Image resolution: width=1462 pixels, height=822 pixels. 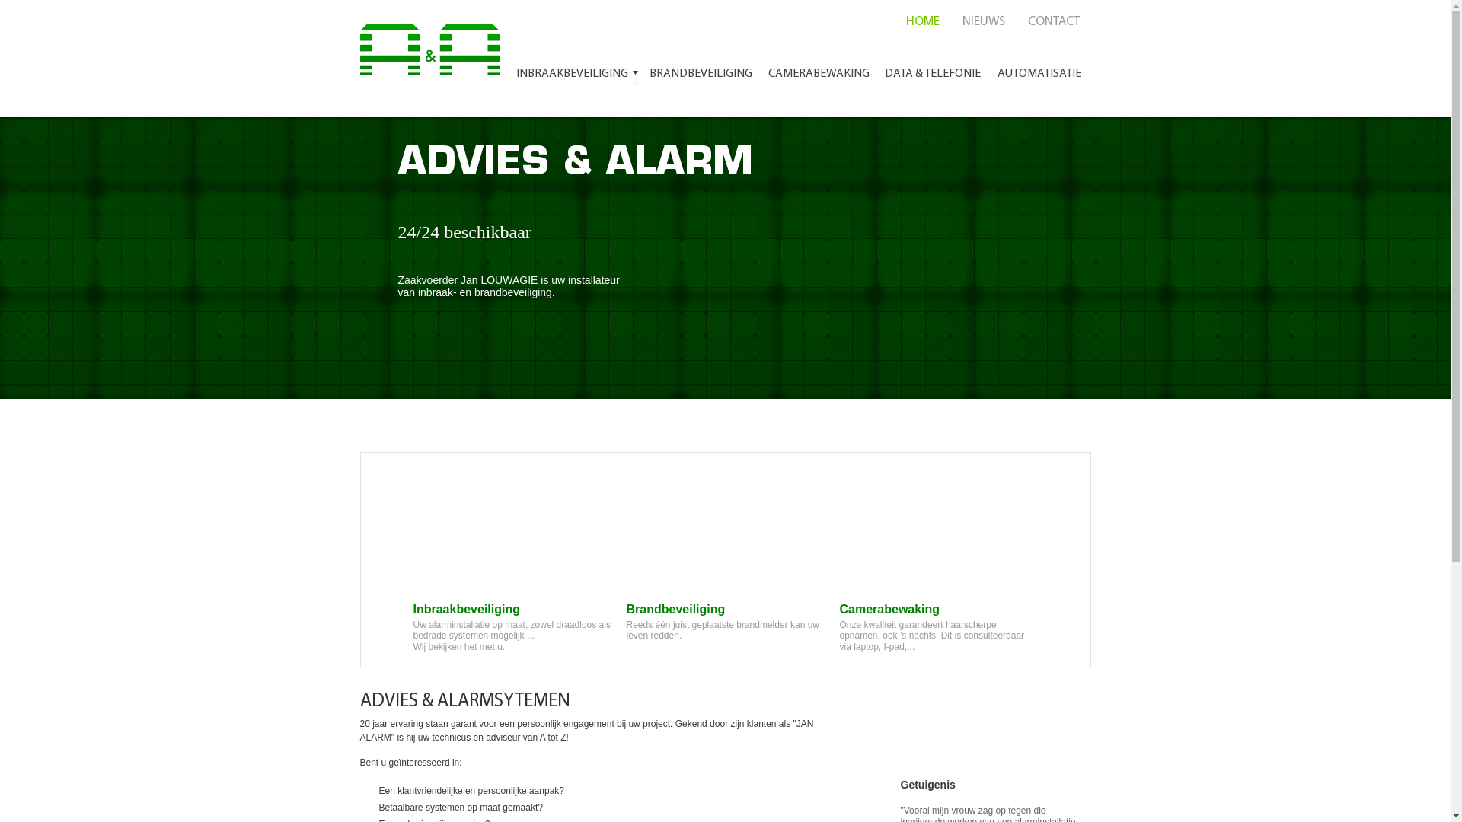 What do you see at coordinates (512, 566) in the screenshot?
I see `'Inbraakbeveiliging'` at bounding box center [512, 566].